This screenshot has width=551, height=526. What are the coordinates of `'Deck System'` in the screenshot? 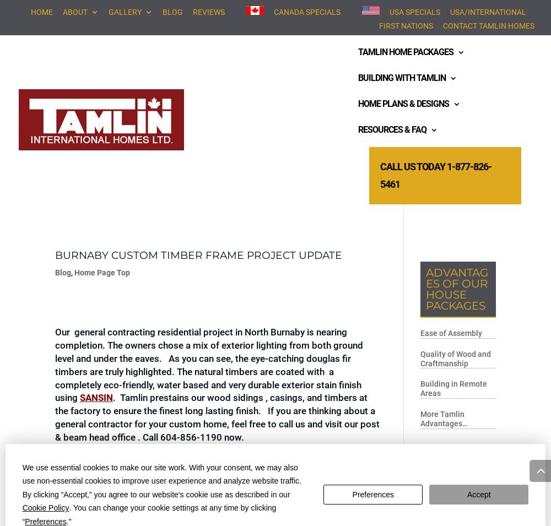 It's located at (271, 307).